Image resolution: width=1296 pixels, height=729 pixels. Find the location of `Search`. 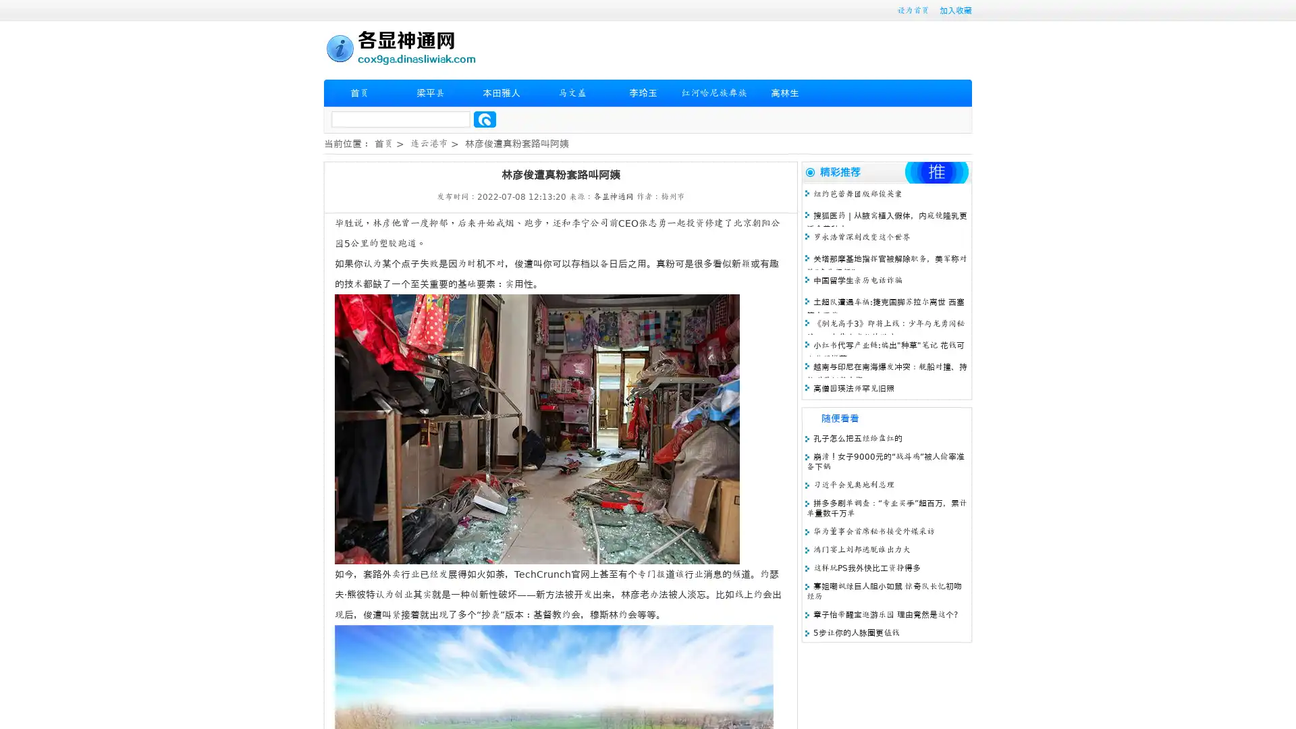

Search is located at coordinates (485, 119).